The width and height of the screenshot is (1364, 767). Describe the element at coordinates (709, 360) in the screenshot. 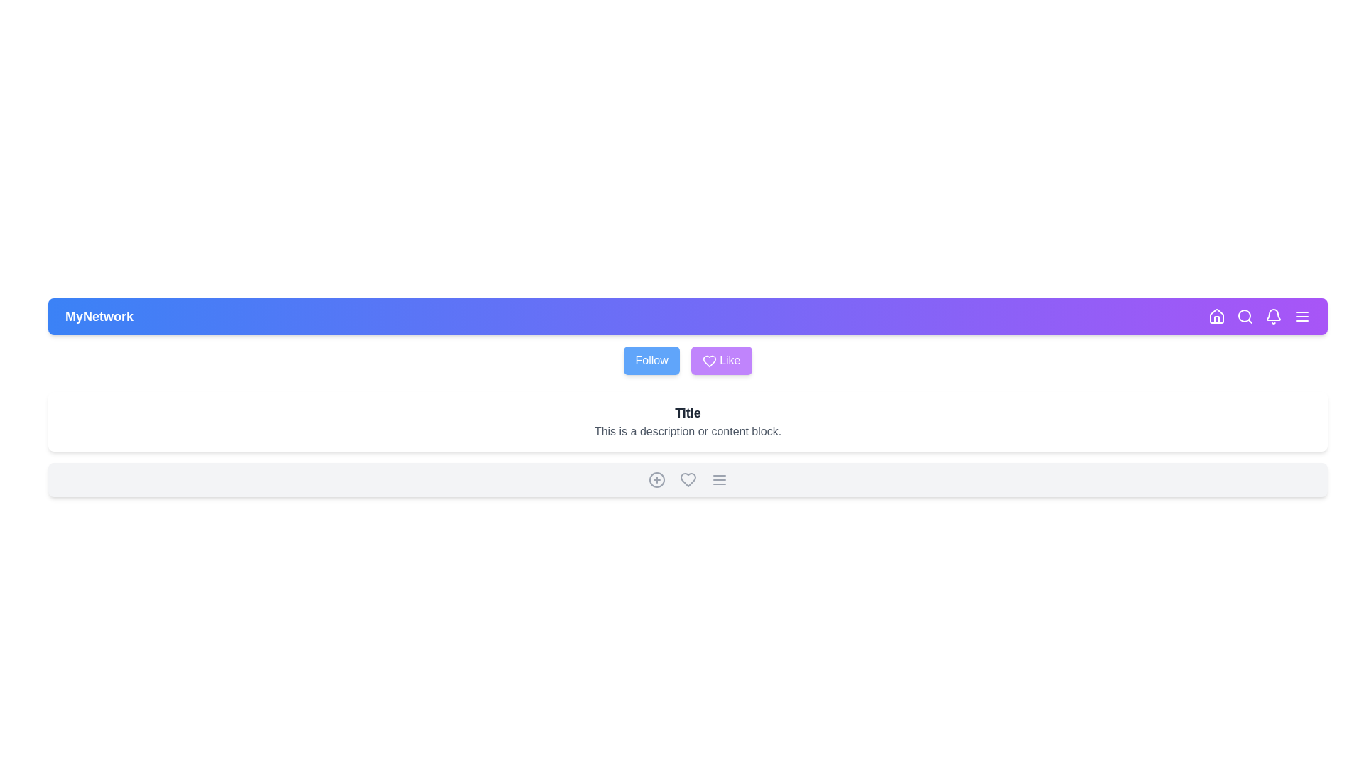

I see `the heart icon within the 'Like' button` at that location.